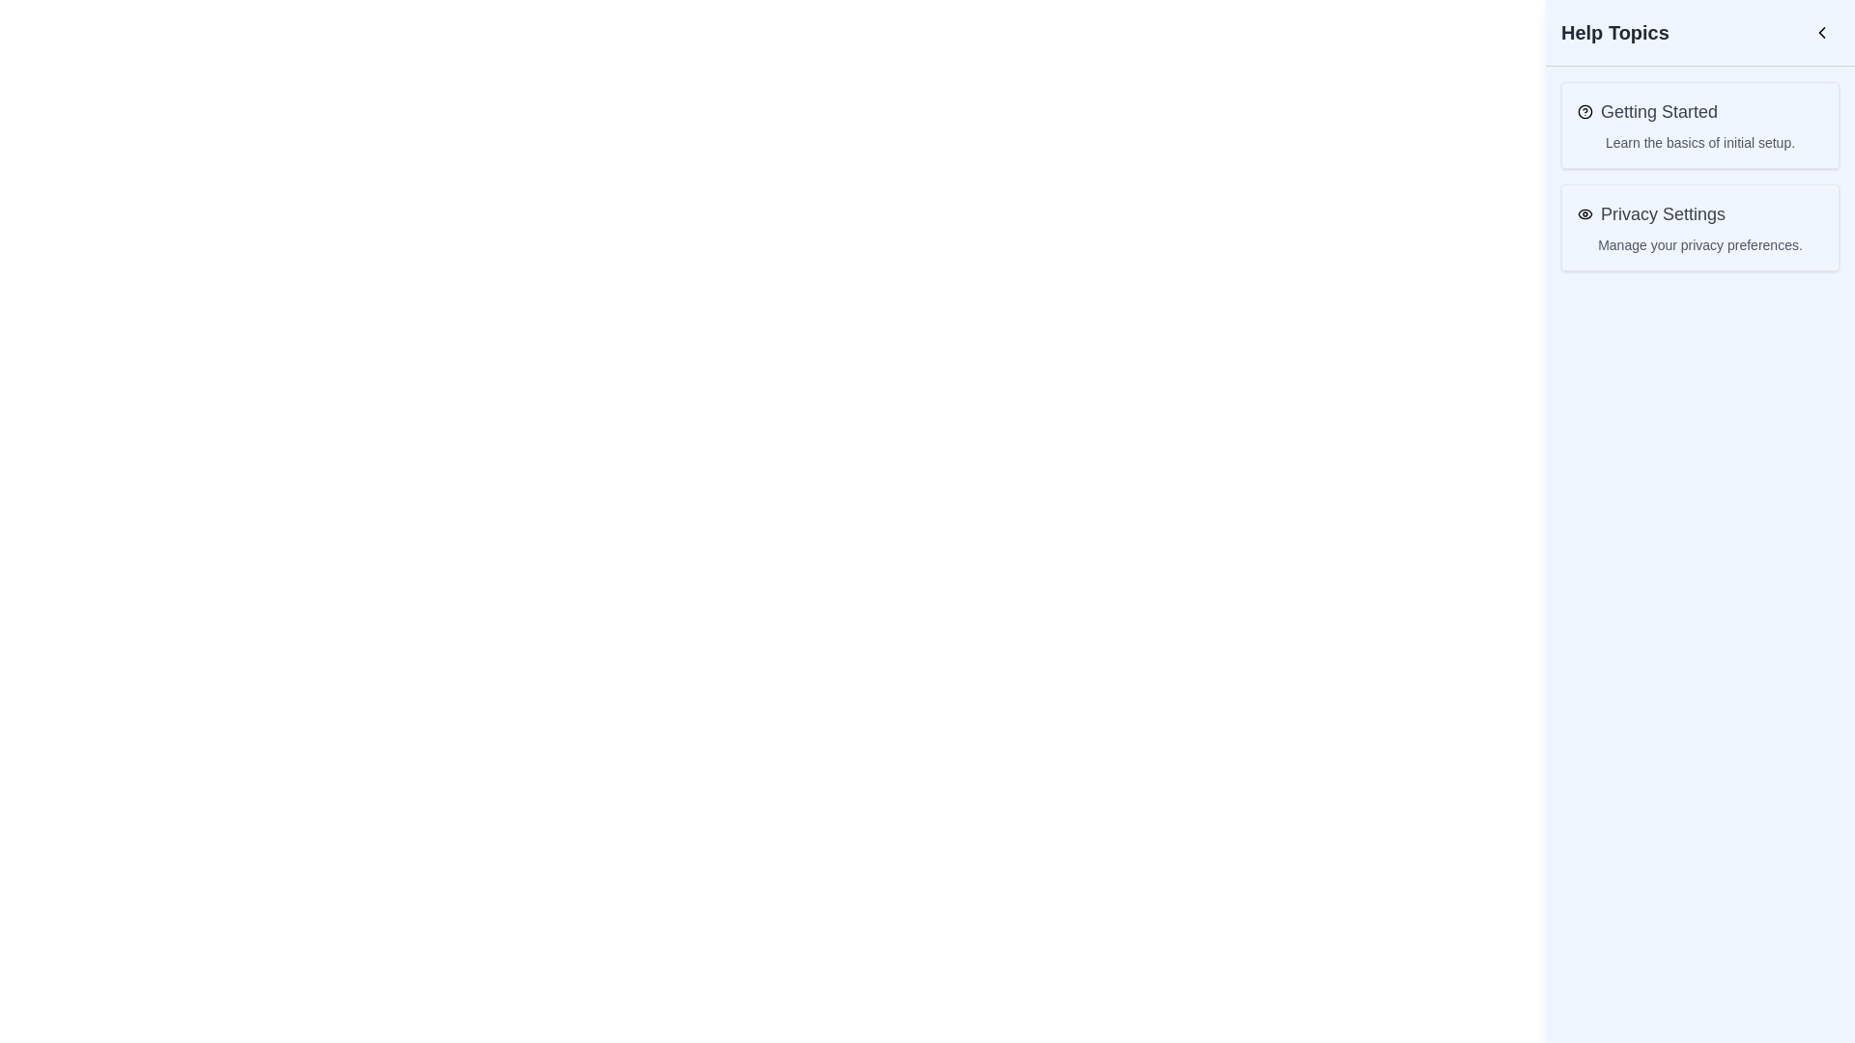 The height and width of the screenshot is (1043, 1855). What do you see at coordinates (1700, 141) in the screenshot?
I see `text of the label displaying 'Learn the basics of initial setup.' located in the 'Getting Started' section of the 'Help Topics' menu` at bounding box center [1700, 141].